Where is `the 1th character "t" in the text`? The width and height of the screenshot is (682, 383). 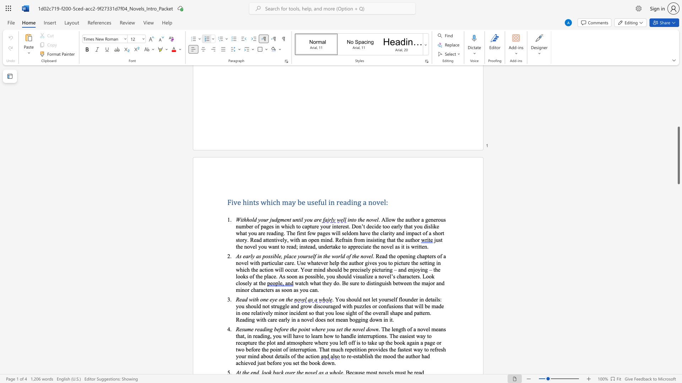 the 1th character "t" in the text is located at coordinates (291, 329).